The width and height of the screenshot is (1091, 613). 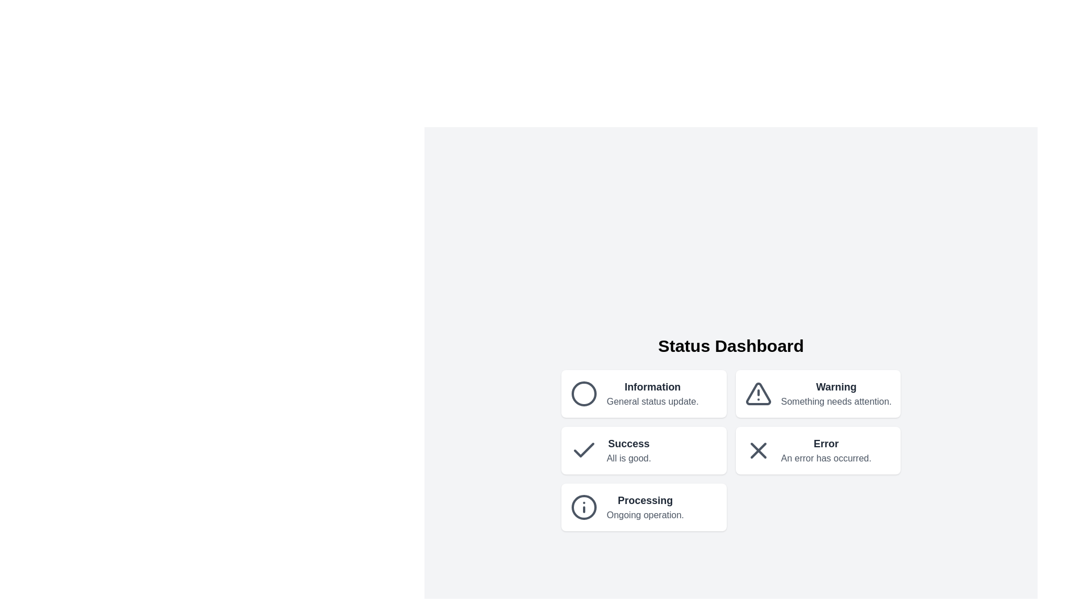 I want to click on the bold red cross symbol (Error Symbol) located within the 'Error' card in the bottom-right corner of the status dashboard to indicate an error condition, so click(x=758, y=450).